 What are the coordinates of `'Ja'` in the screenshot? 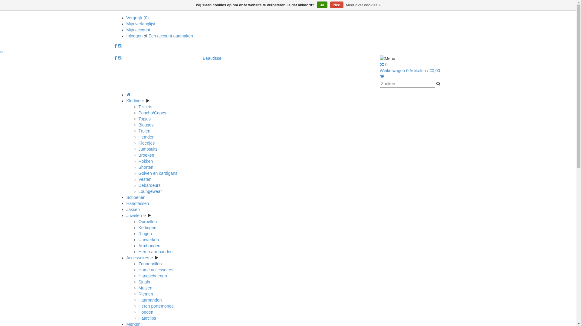 It's located at (322, 5).